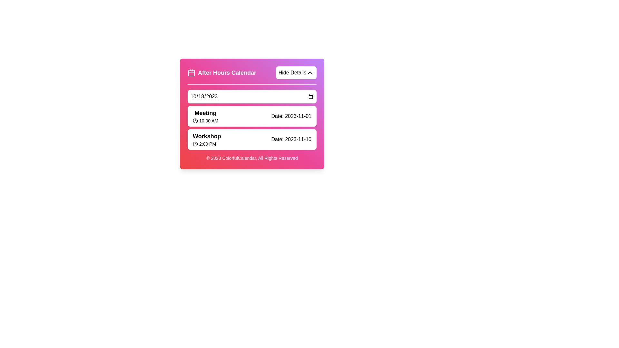 The image size is (619, 348). Describe the element at coordinates (310, 72) in the screenshot. I see `the 'Hide Details' button` at that location.